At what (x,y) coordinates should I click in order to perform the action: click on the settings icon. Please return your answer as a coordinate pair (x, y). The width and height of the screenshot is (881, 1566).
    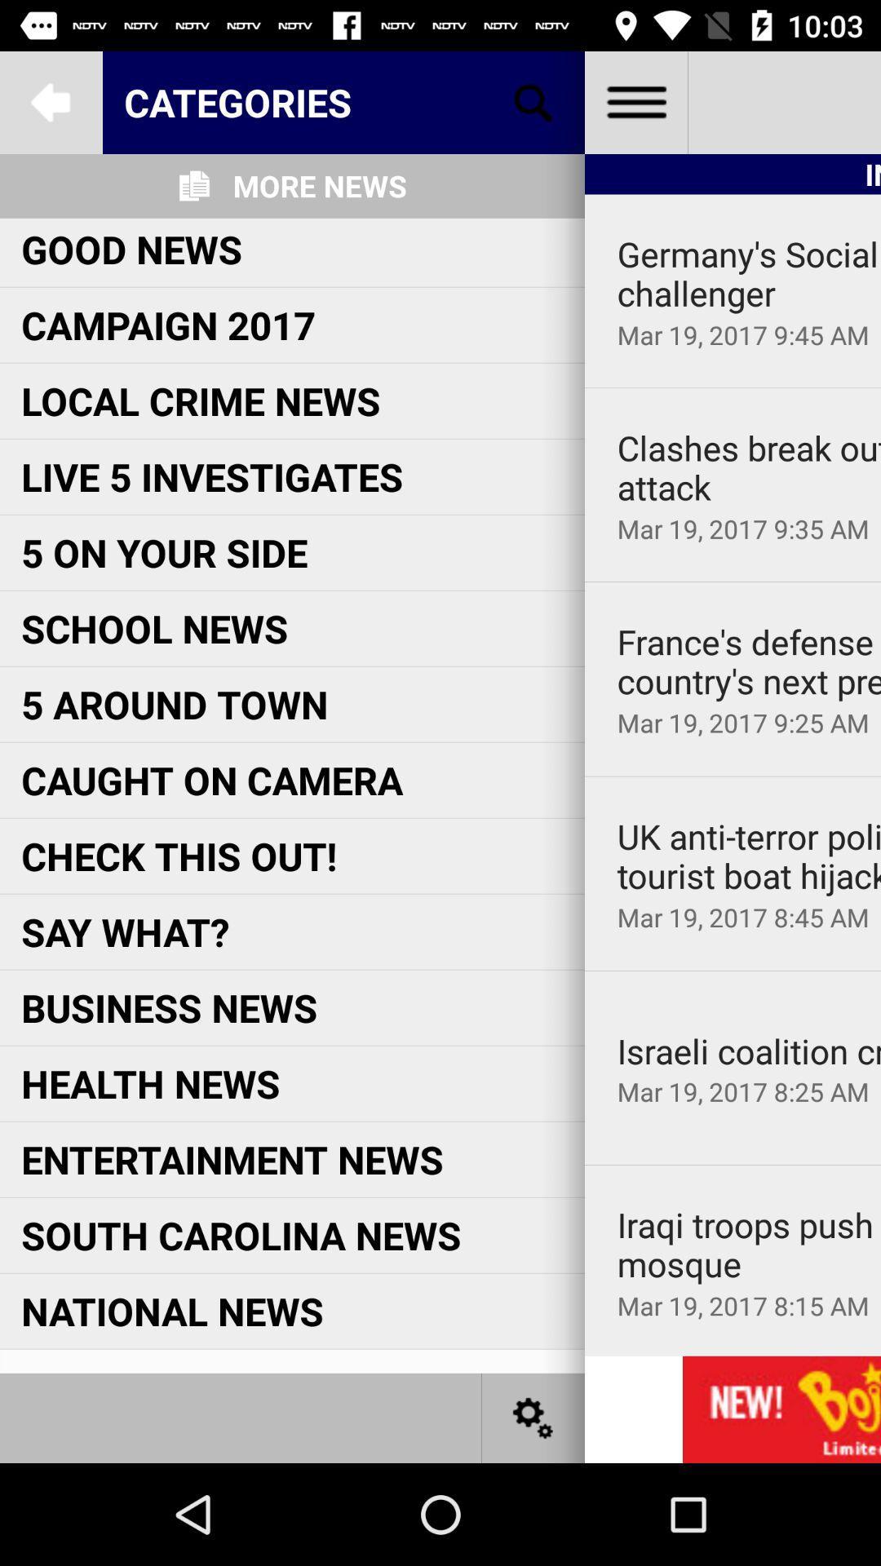
    Looking at the image, I should click on (533, 1417).